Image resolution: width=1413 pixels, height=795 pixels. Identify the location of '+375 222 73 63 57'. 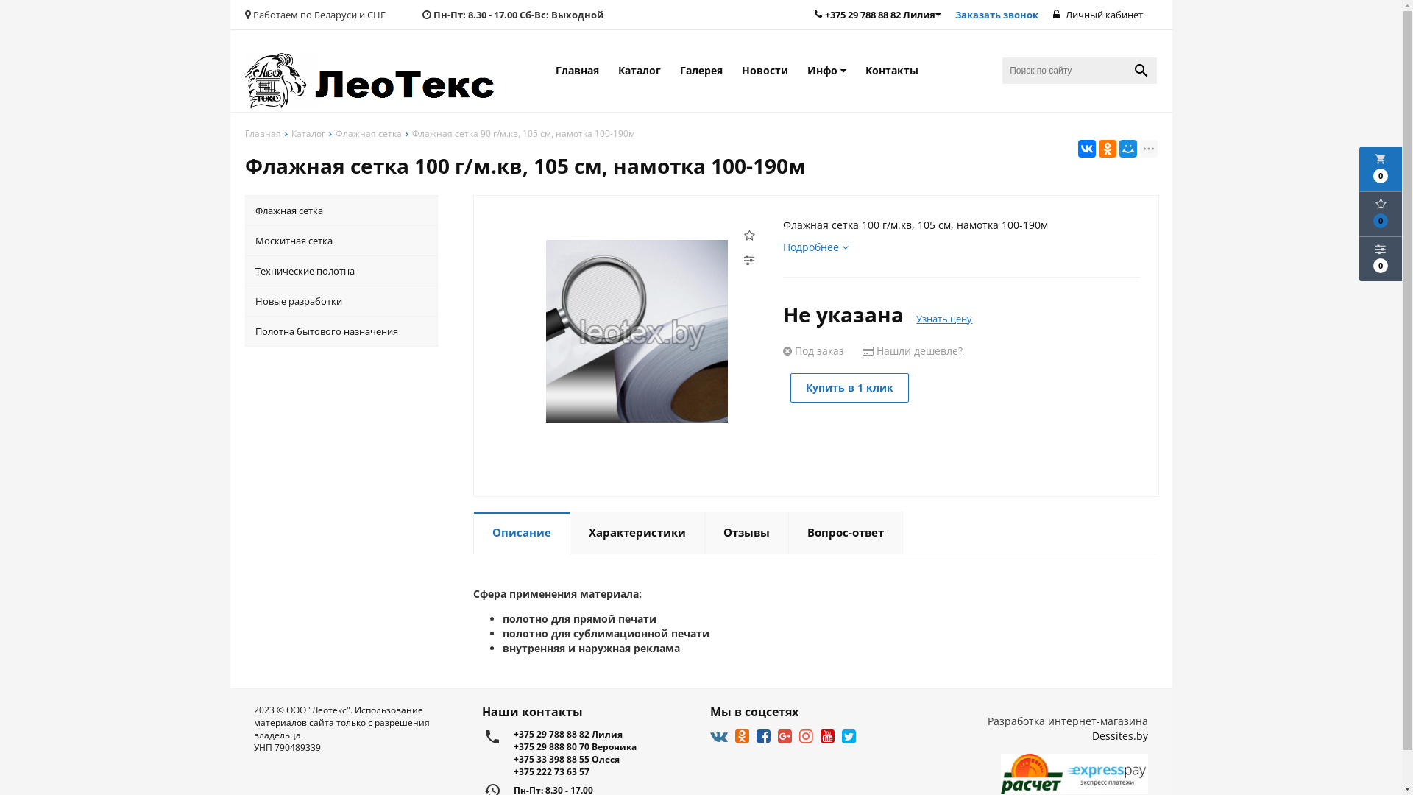
(603, 771).